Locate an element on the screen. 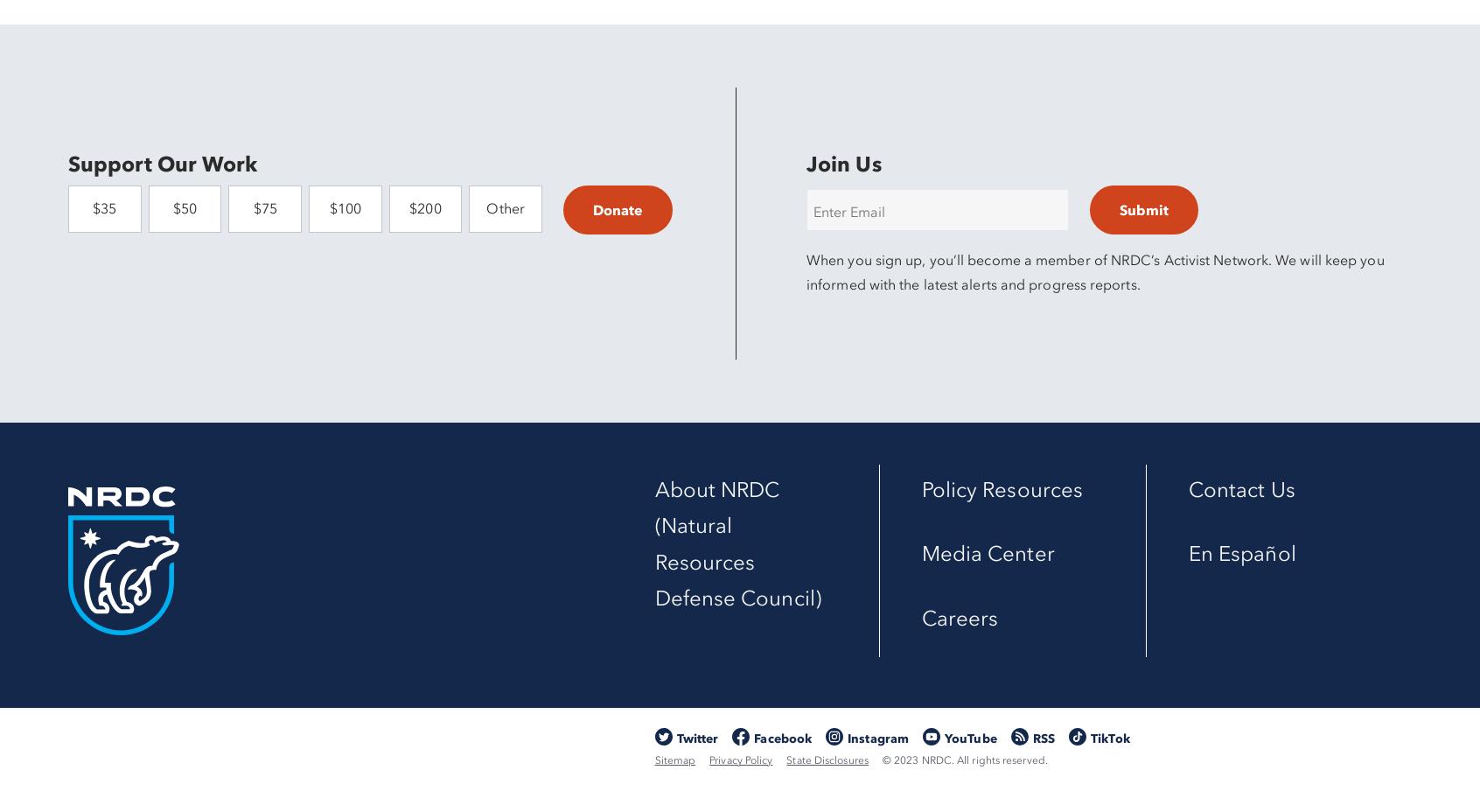 The width and height of the screenshot is (1480, 798). 'RSS' is located at coordinates (1043, 738).